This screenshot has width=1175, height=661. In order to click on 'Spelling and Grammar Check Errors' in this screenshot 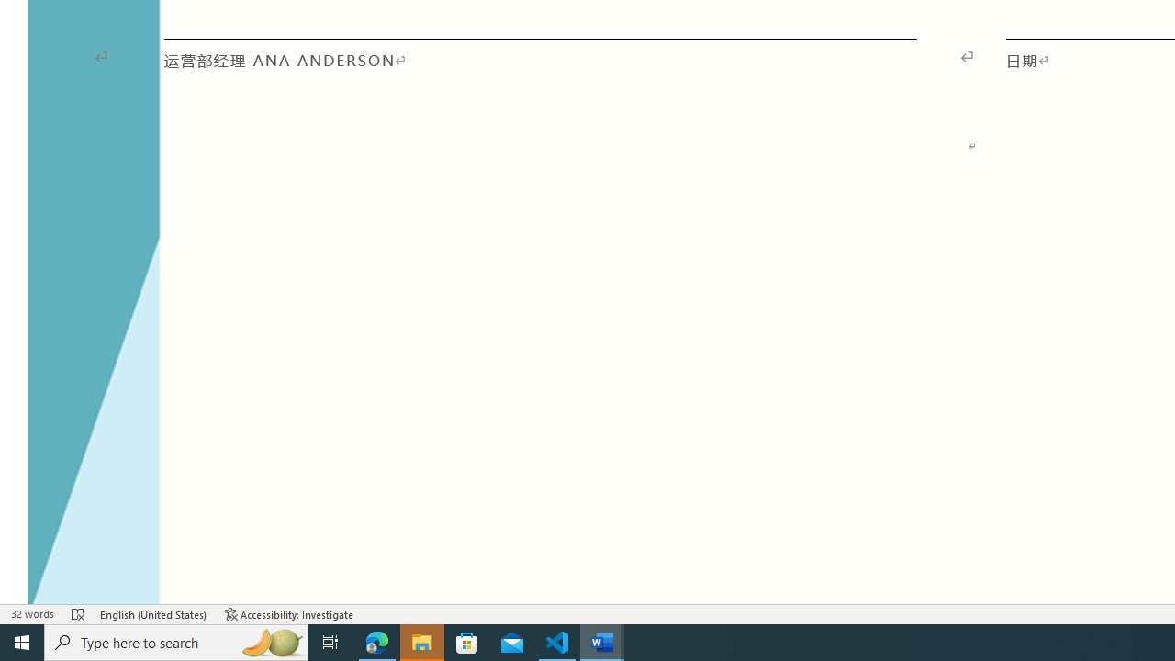, I will do `click(78, 614)`.